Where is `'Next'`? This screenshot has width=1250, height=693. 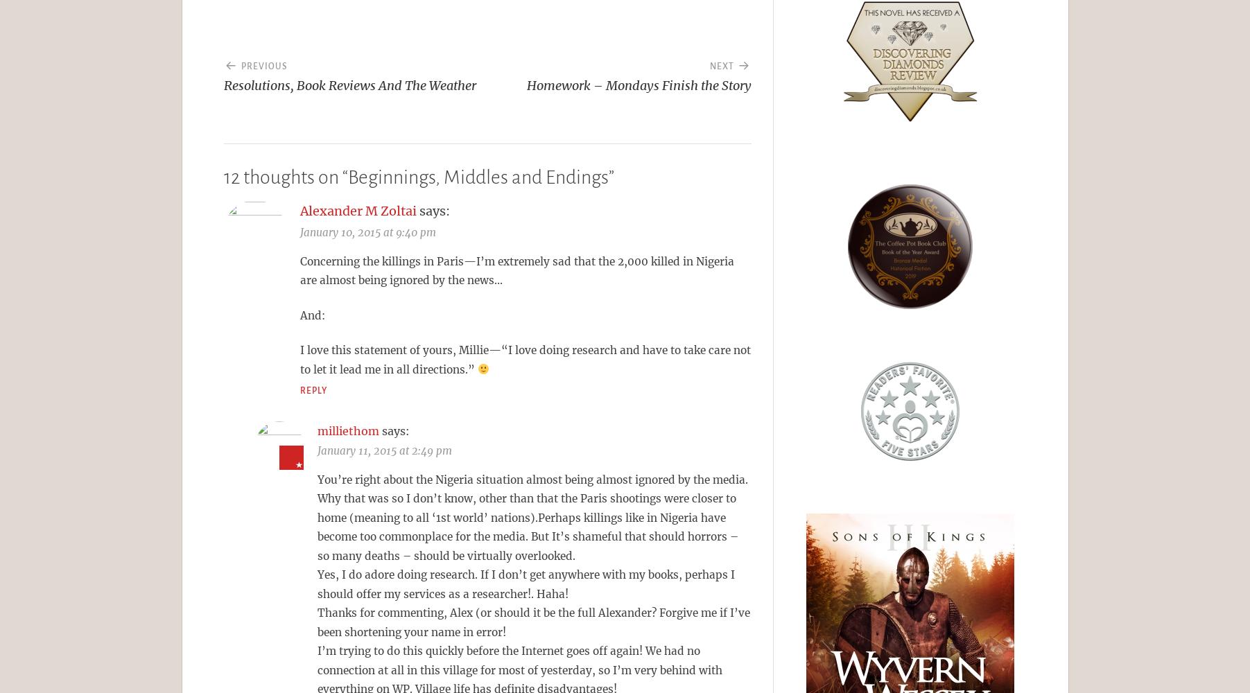
'Next' is located at coordinates (721, 65).